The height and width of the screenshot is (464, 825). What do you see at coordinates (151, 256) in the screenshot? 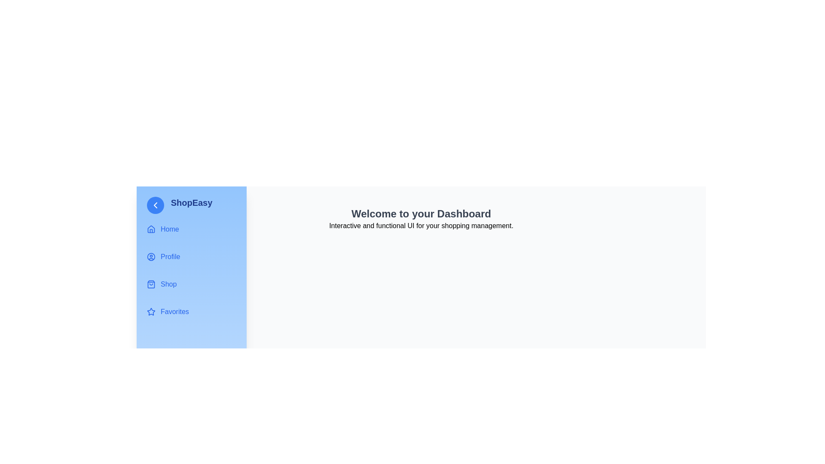
I see `the SVG circle element with a blue border that represents the user profile icon in the vertical menu on the left side of the interface` at bounding box center [151, 256].